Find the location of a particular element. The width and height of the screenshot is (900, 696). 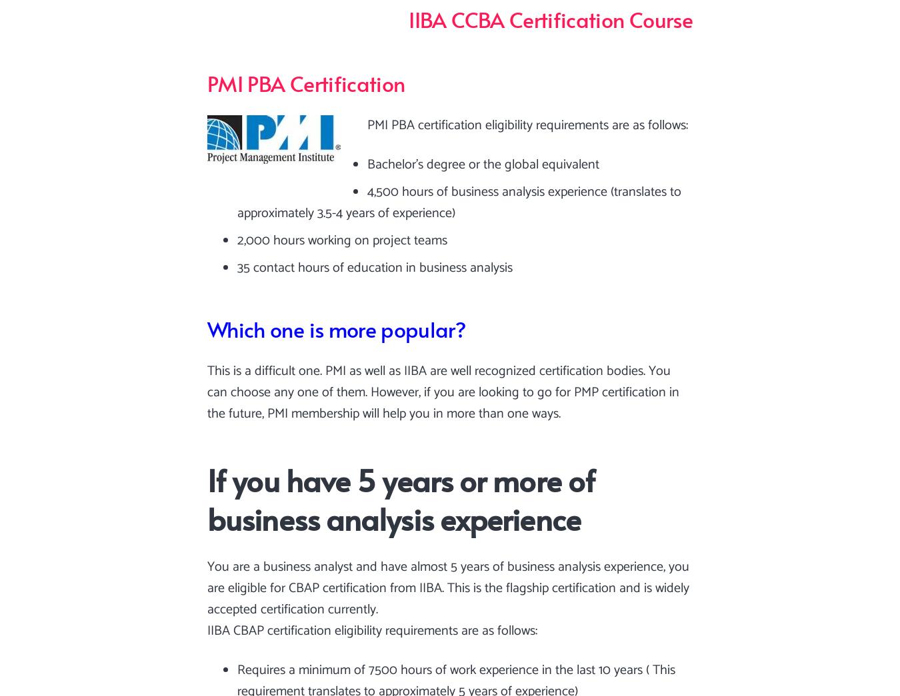

'This is a difficult one. PMI as well as IIBA are well recognized certification bodies. You can choose any one of them. However, if you are looking to go for PMP certification in the future, PMI membership will help you in more than one ways.' is located at coordinates (443, 391).